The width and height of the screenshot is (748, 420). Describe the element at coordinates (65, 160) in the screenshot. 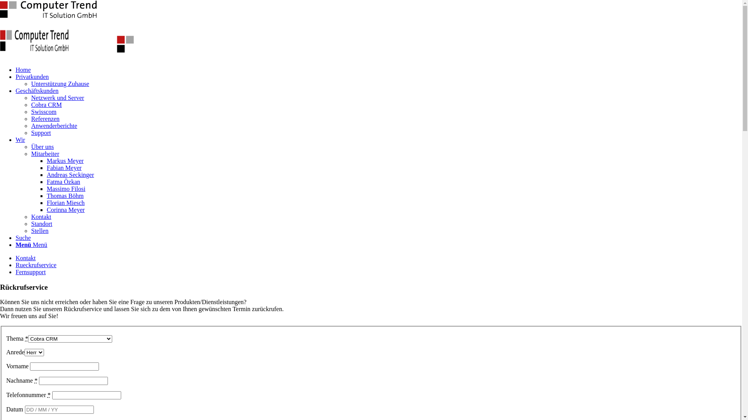

I see `'Markus Meyer'` at that location.